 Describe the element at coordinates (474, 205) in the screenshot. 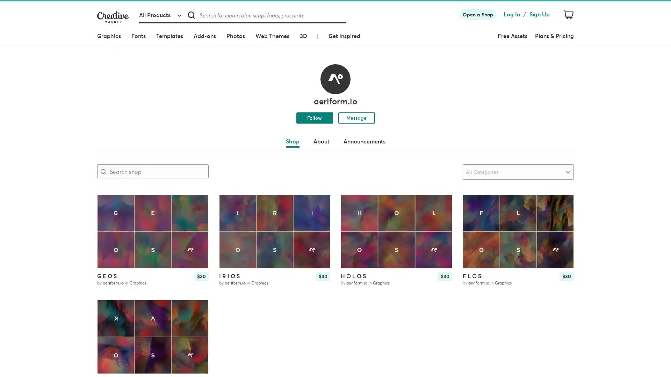

I see `Pin to Pinterest` at that location.